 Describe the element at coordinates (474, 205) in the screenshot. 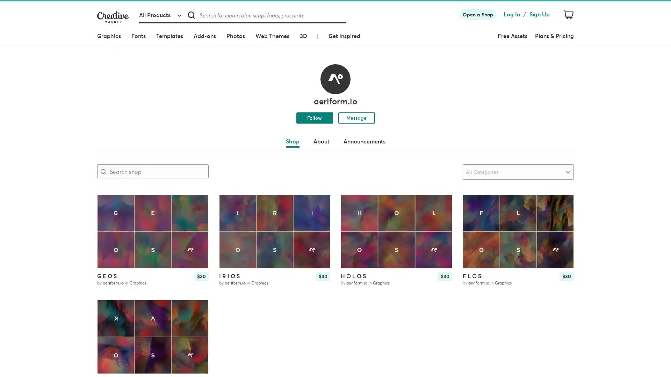

I see `Pin to Pinterest` at that location.